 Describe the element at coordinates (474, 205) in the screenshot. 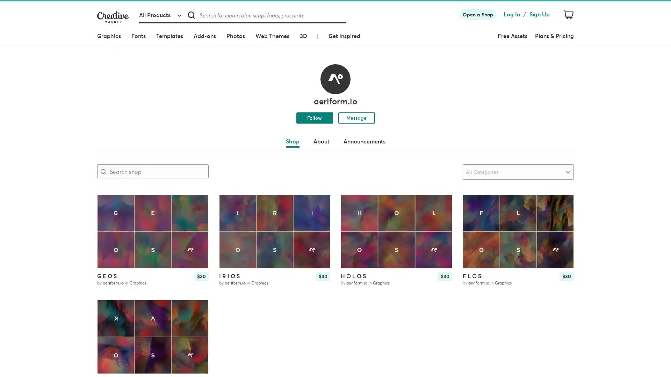

I see `Pin to Pinterest` at that location.